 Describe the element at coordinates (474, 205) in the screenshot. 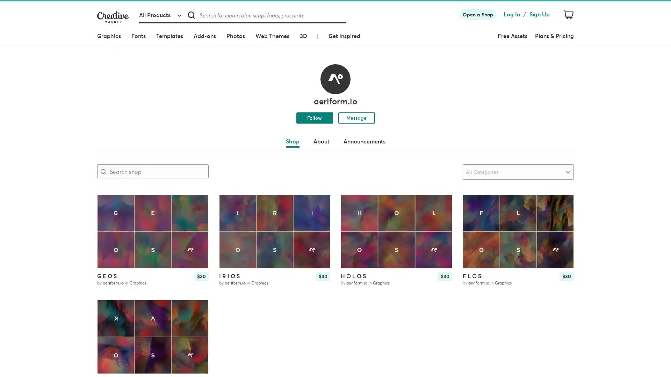

I see `Pin to Pinterest` at that location.